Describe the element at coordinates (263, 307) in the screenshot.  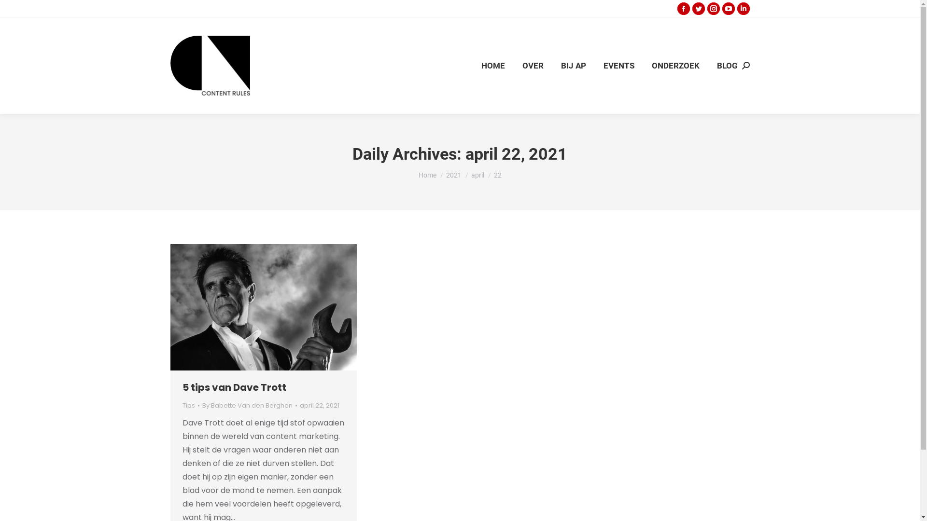
I see `'Blog2_foto_1'` at that location.